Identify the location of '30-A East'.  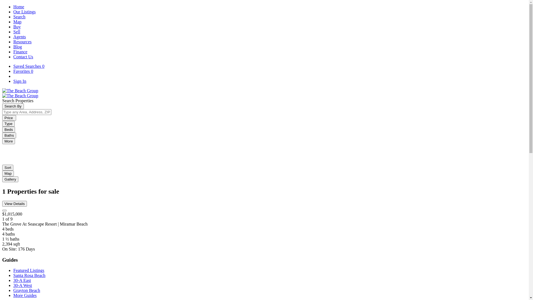
(22, 280).